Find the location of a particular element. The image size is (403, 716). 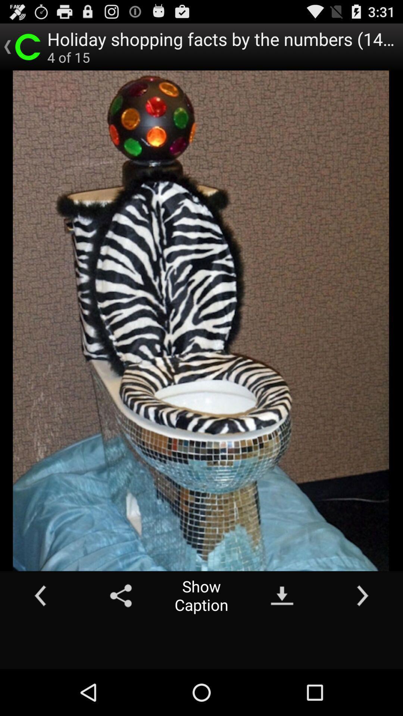

the file_download icon is located at coordinates (282, 637).